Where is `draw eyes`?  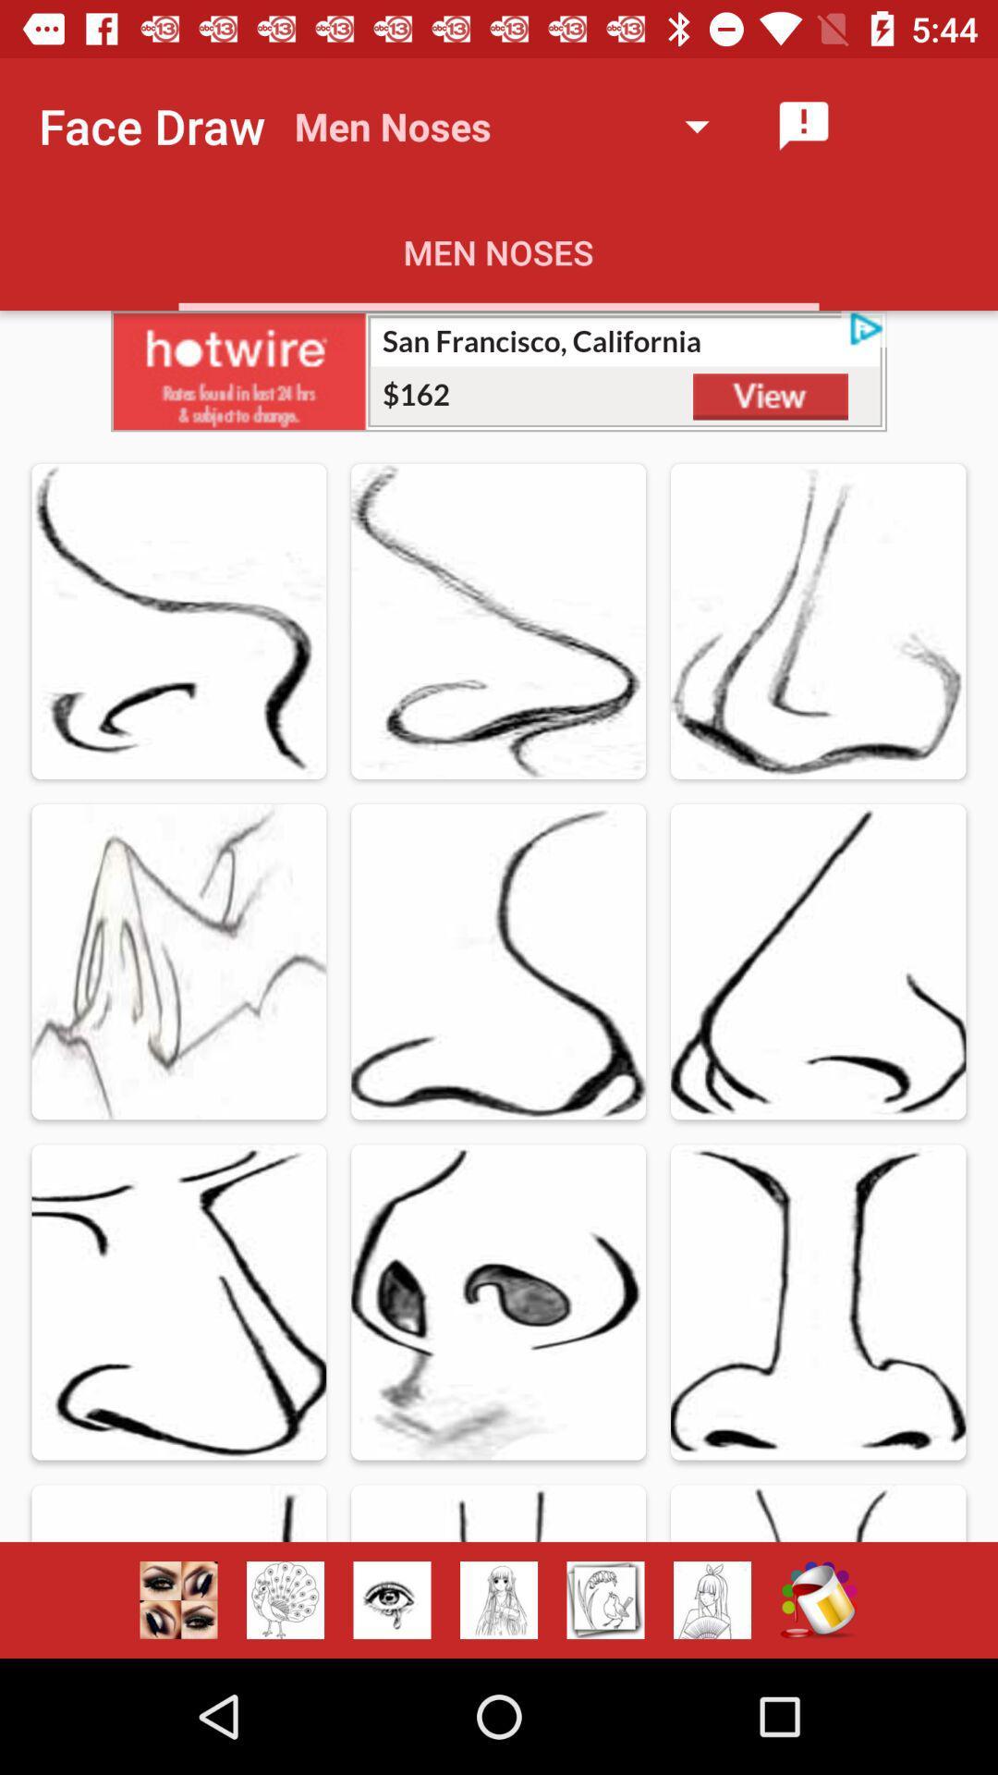
draw eyes is located at coordinates (391, 1599).